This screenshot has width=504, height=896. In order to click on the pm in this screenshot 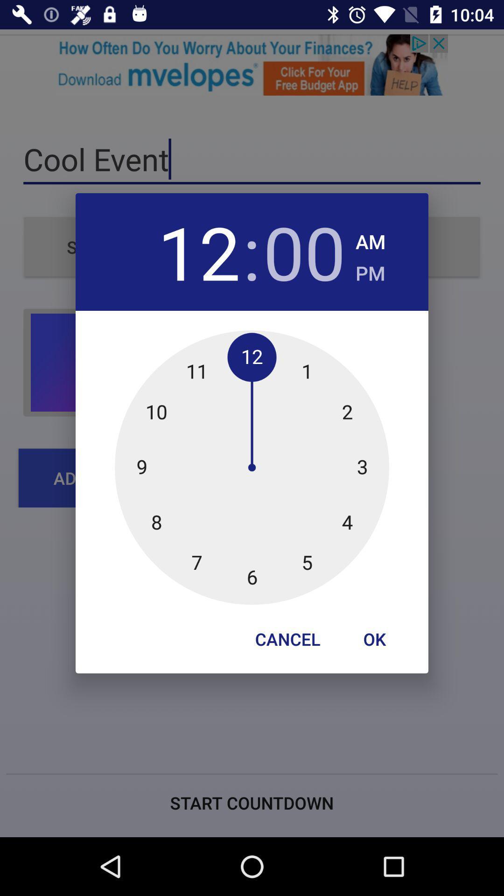, I will do `click(370, 270)`.